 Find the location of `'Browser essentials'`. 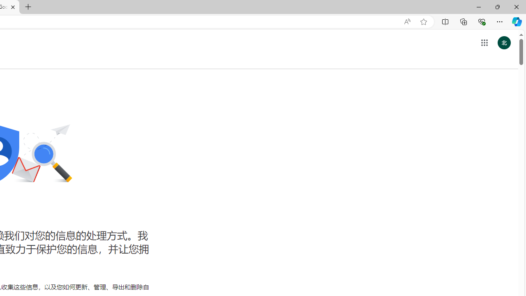

'Browser essentials' is located at coordinates (481, 21).